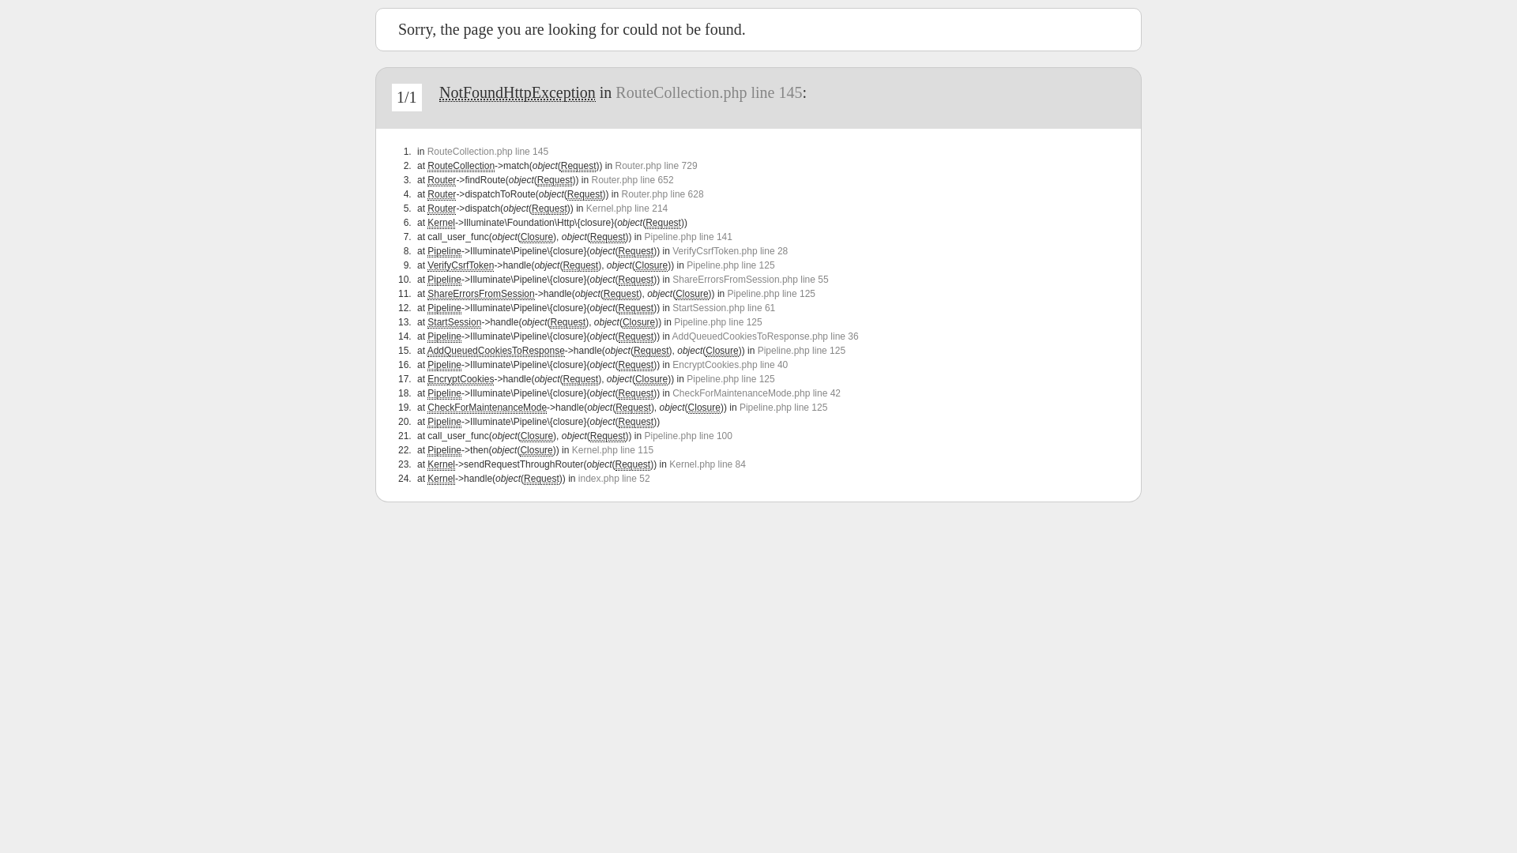  Describe the element at coordinates (656, 165) in the screenshot. I see `'Router.php line 729'` at that location.